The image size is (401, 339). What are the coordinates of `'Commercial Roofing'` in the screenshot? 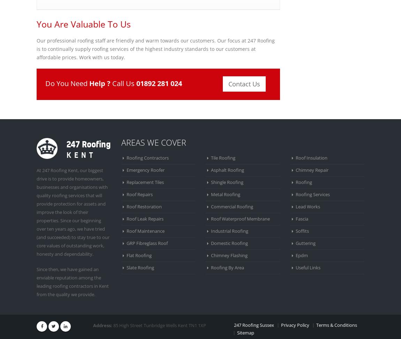 It's located at (232, 207).